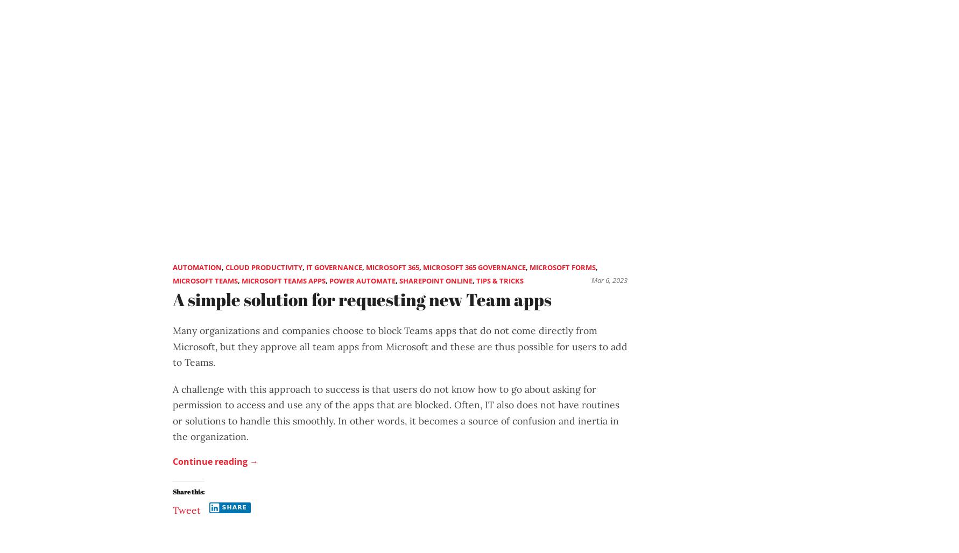 This screenshot has height=553, width=959. What do you see at coordinates (172, 346) in the screenshot?
I see `'Many organizations and companies choose to block Teams apps that do not come directly from Microsoft, but they approve all team apps from Microsoft and these are thus possible for users to add to Teams.'` at bounding box center [172, 346].